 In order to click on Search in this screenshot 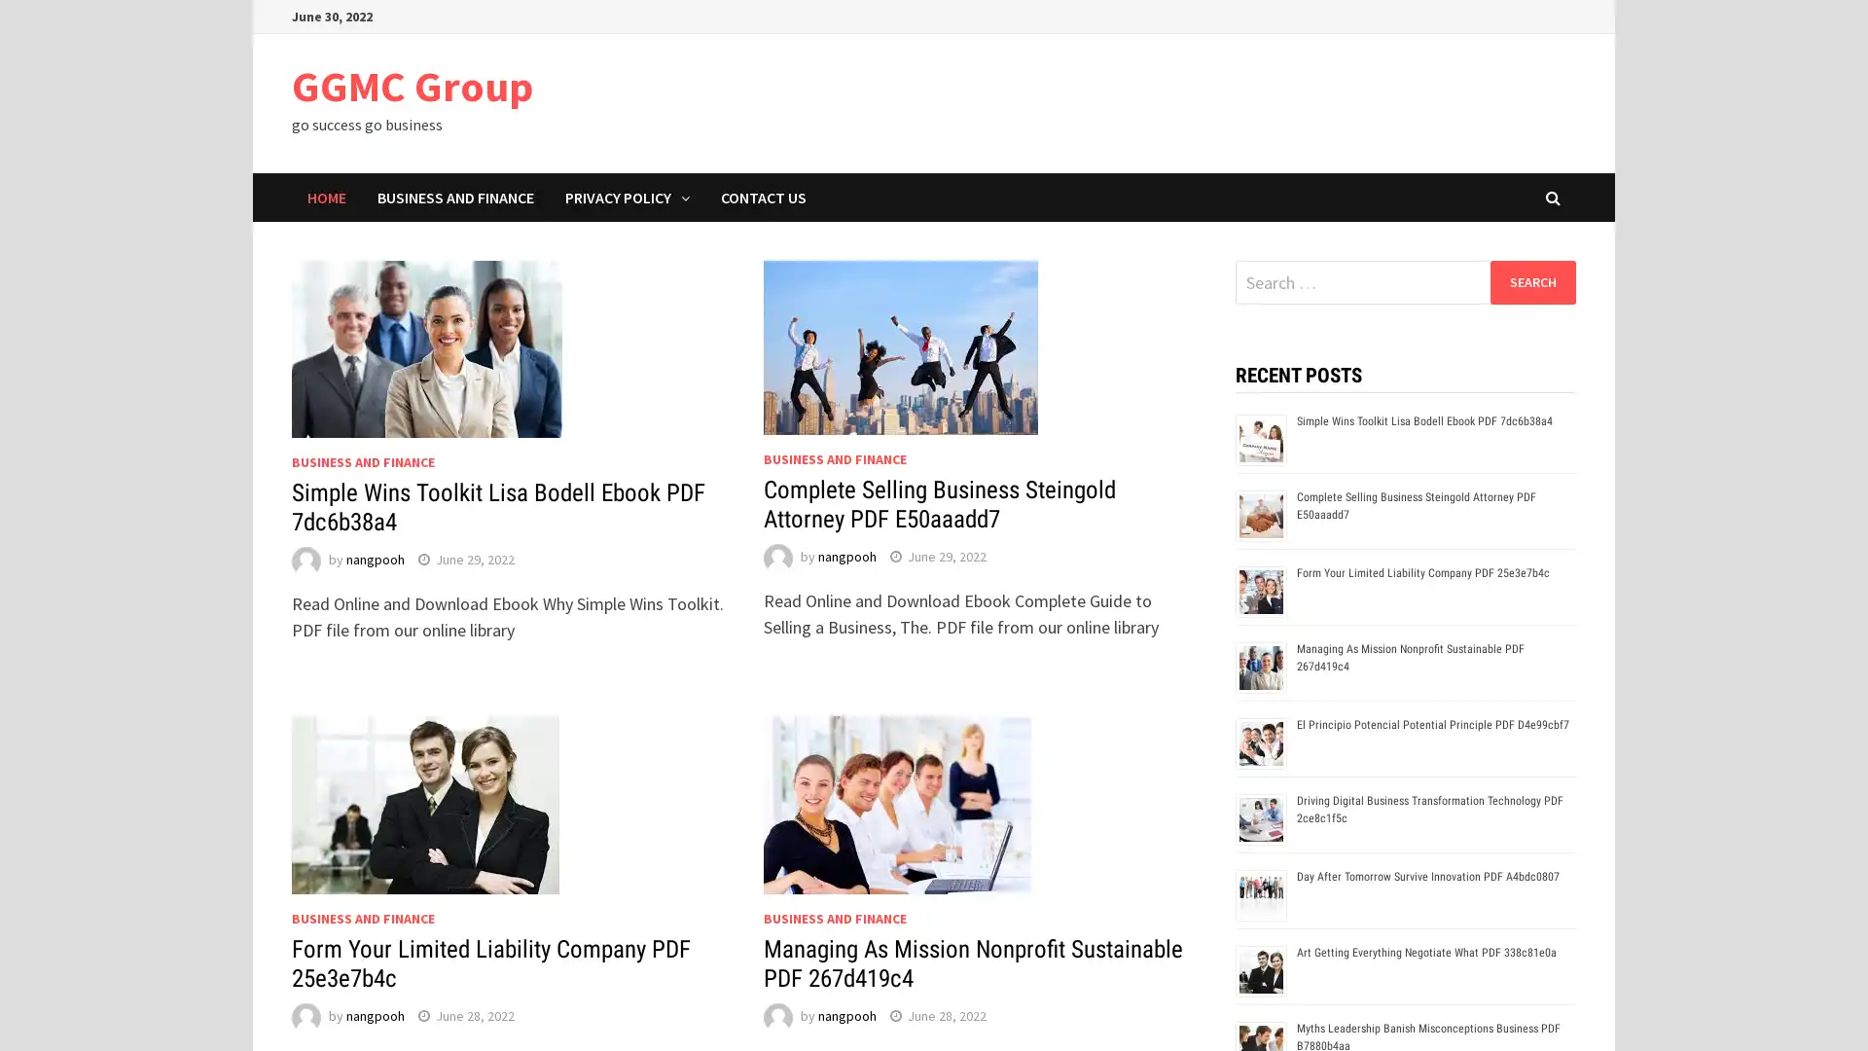, I will do `click(1531, 281)`.